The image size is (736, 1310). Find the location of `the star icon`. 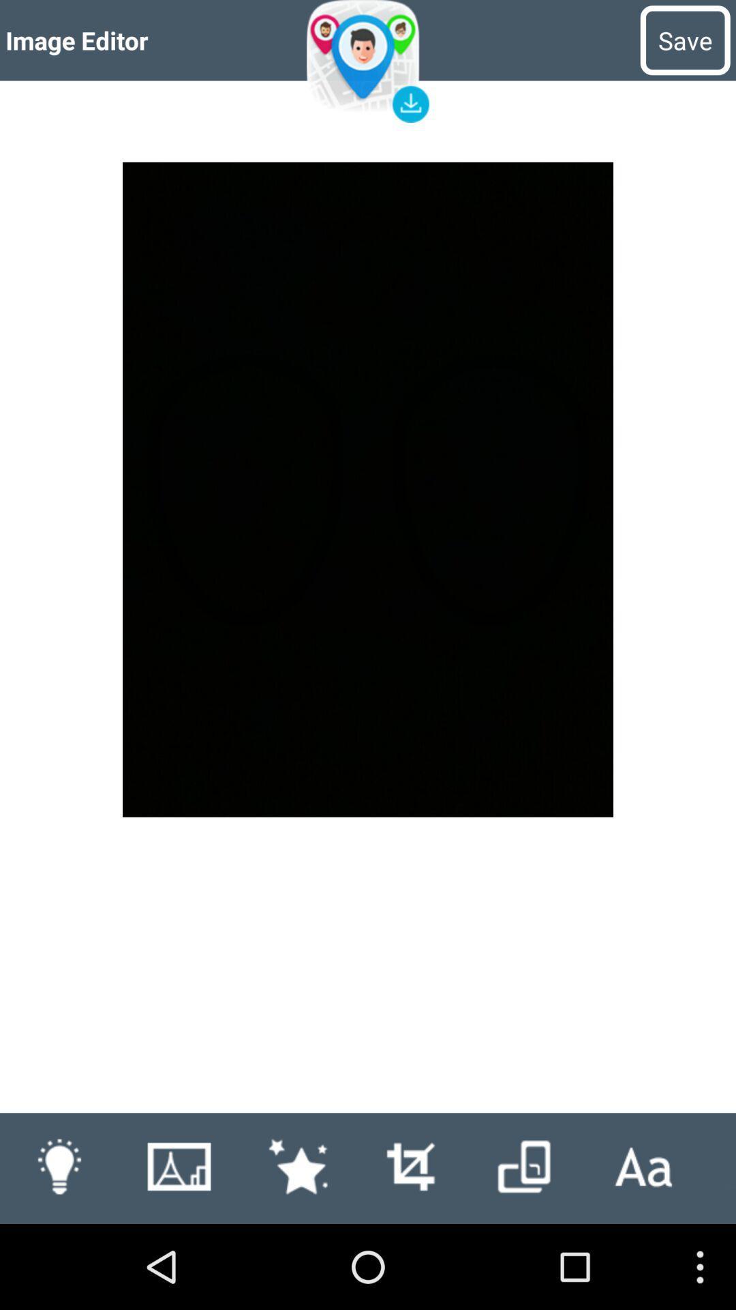

the star icon is located at coordinates (296, 1249).